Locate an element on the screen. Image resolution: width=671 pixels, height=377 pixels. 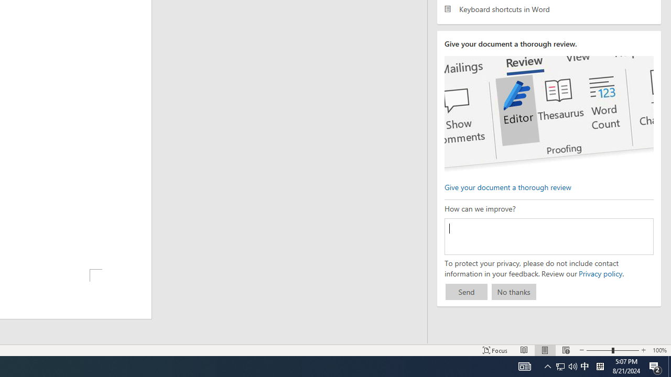
'Privacy policy' is located at coordinates (600, 273).